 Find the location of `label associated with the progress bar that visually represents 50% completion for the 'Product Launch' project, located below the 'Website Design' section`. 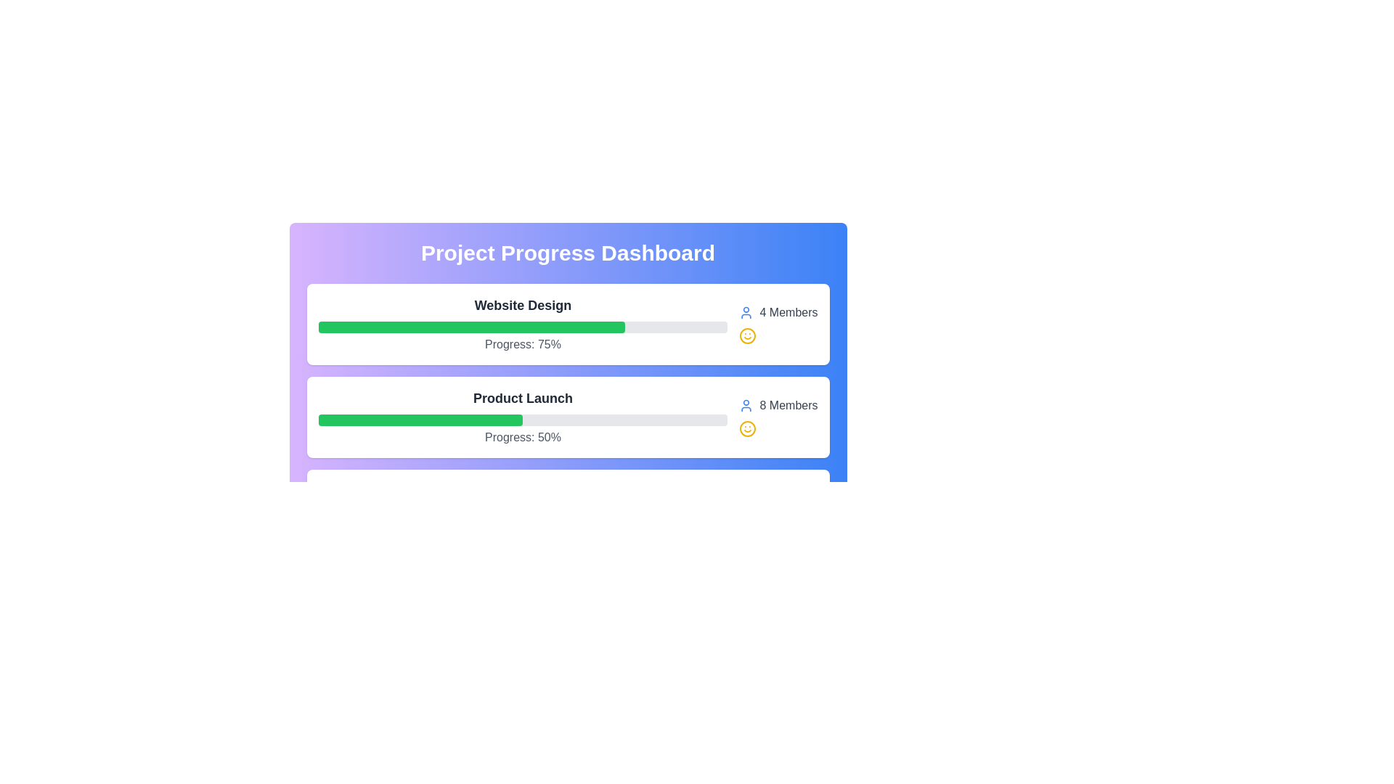

label associated with the progress bar that visually represents 50% completion for the 'Product Launch' project, located below the 'Website Design' section is located at coordinates (420, 420).